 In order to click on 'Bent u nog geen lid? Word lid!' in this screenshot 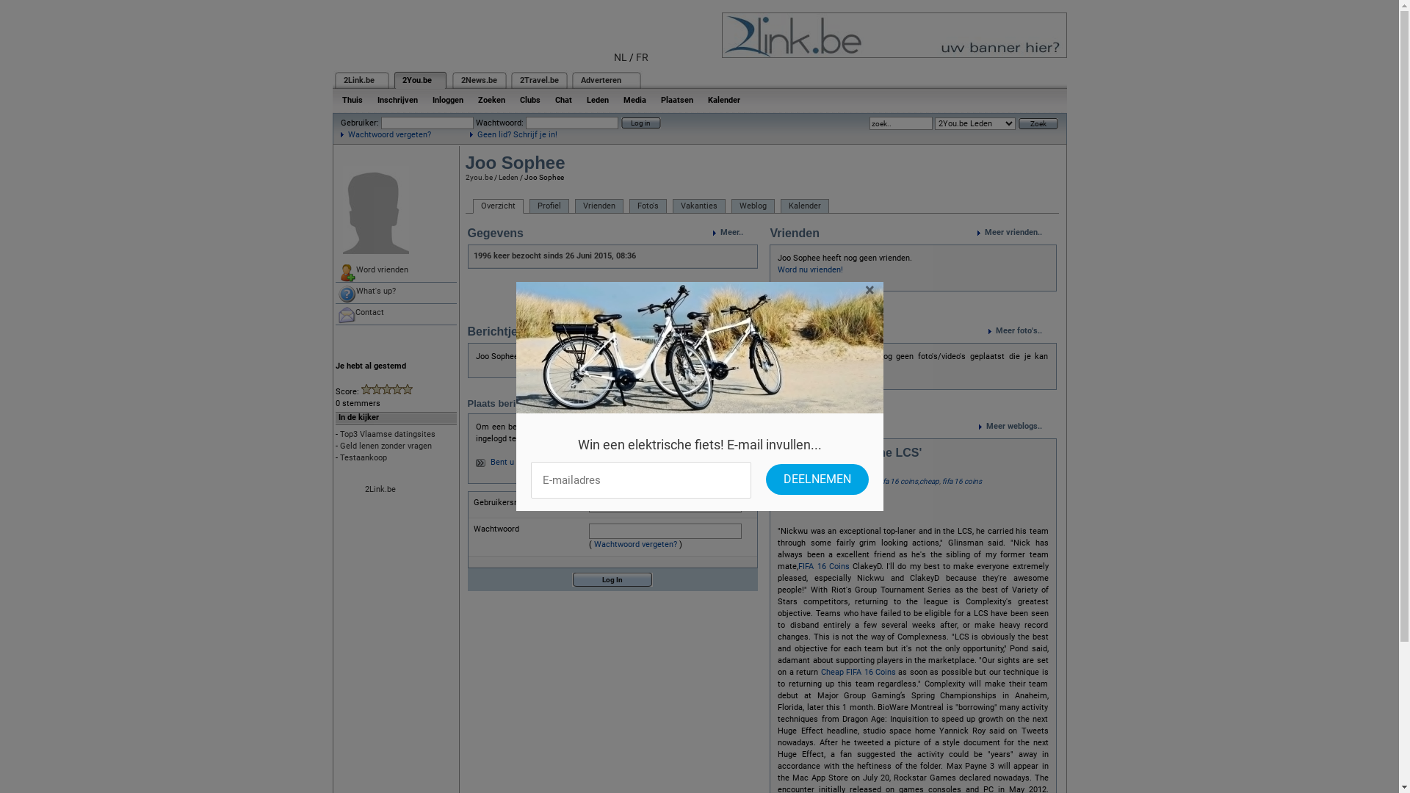, I will do `click(543, 461)`.